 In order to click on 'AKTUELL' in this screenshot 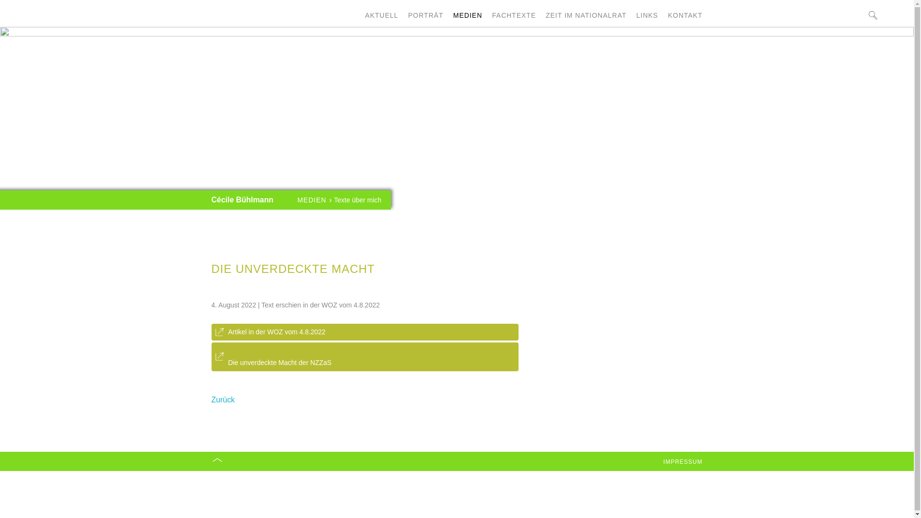, I will do `click(381, 15)`.